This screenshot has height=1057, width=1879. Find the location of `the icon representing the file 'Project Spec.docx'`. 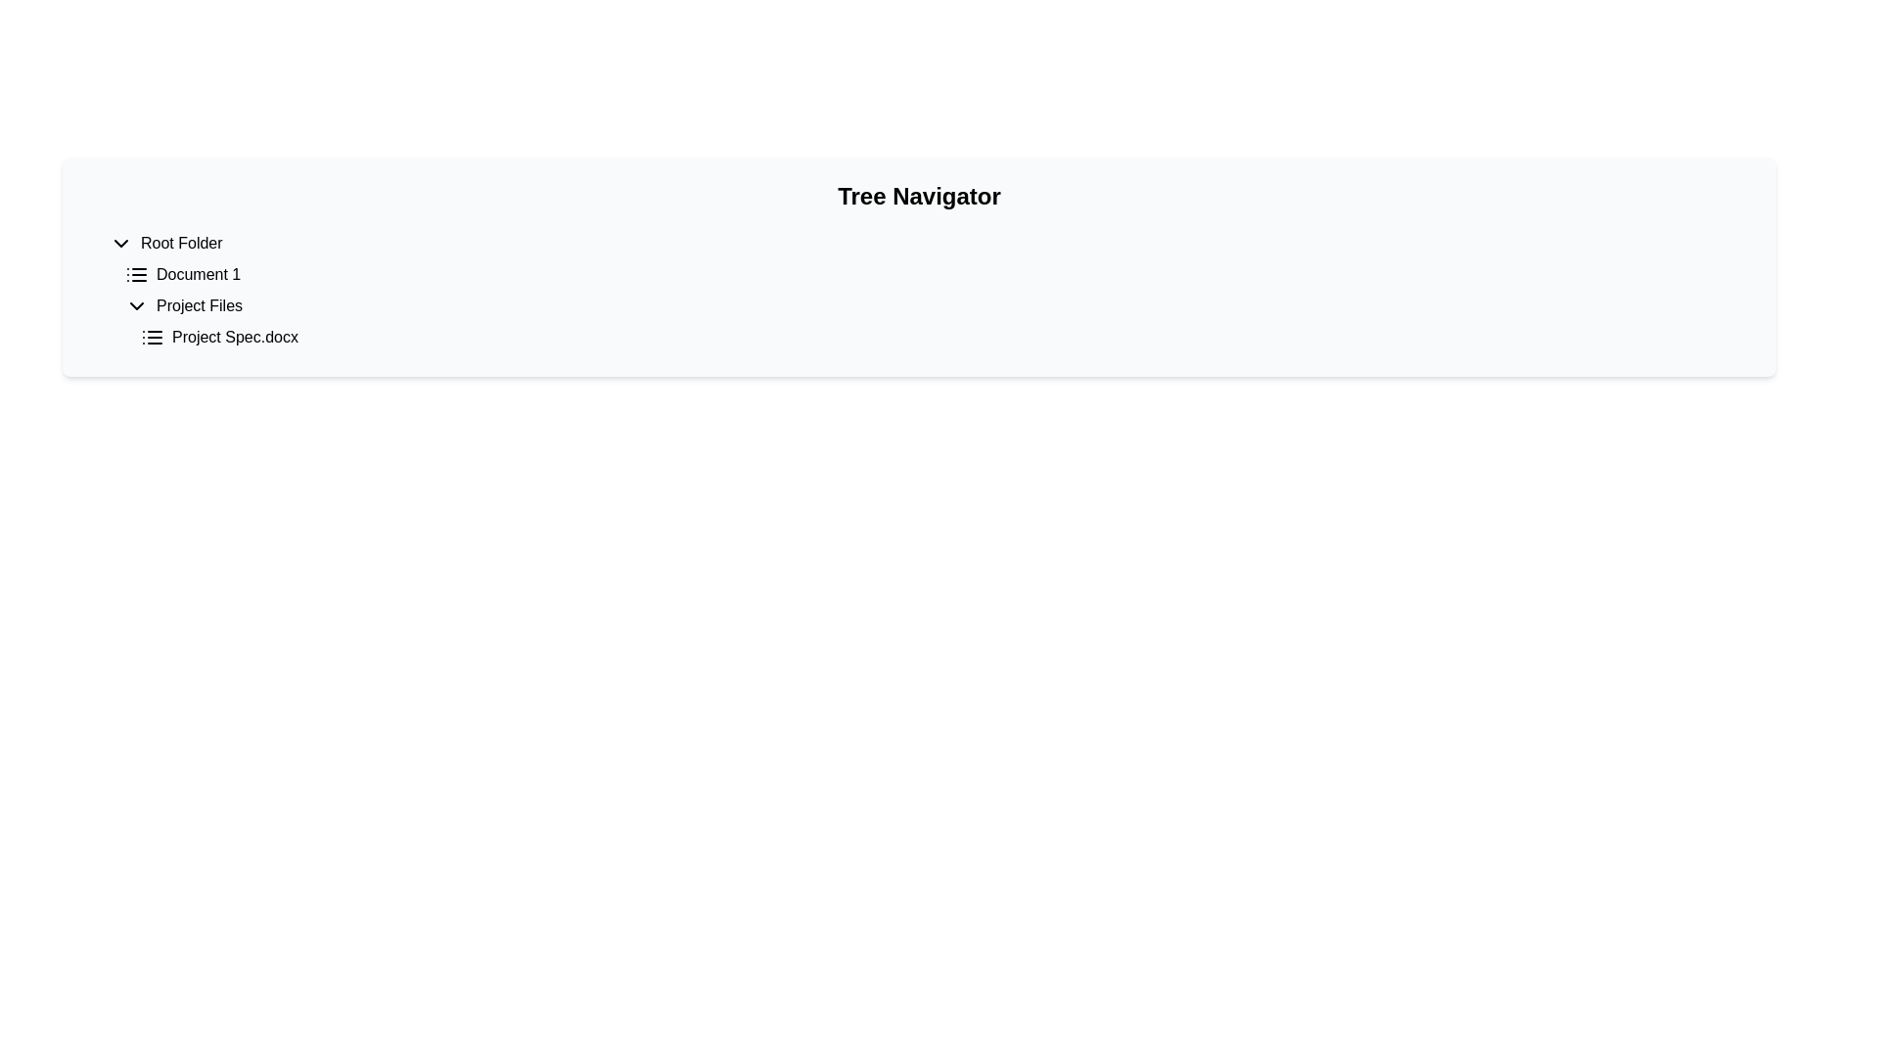

the icon representing the file 'Project Spec.docx' is located at coordinates (152, 336).